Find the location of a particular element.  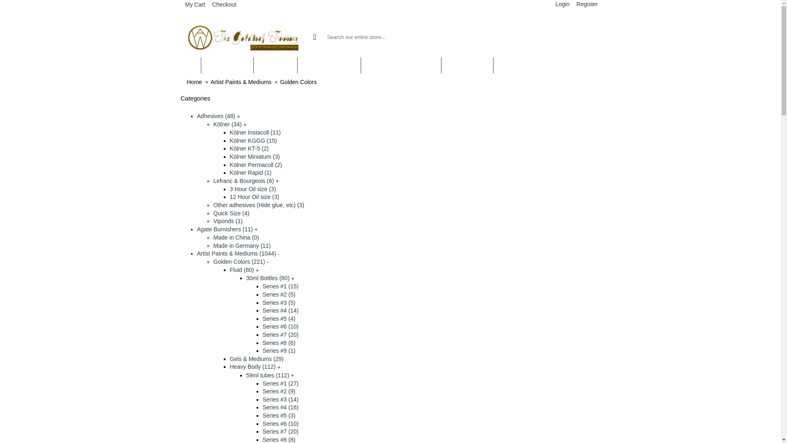

'Checkout' is located at coordinates (223, 5).